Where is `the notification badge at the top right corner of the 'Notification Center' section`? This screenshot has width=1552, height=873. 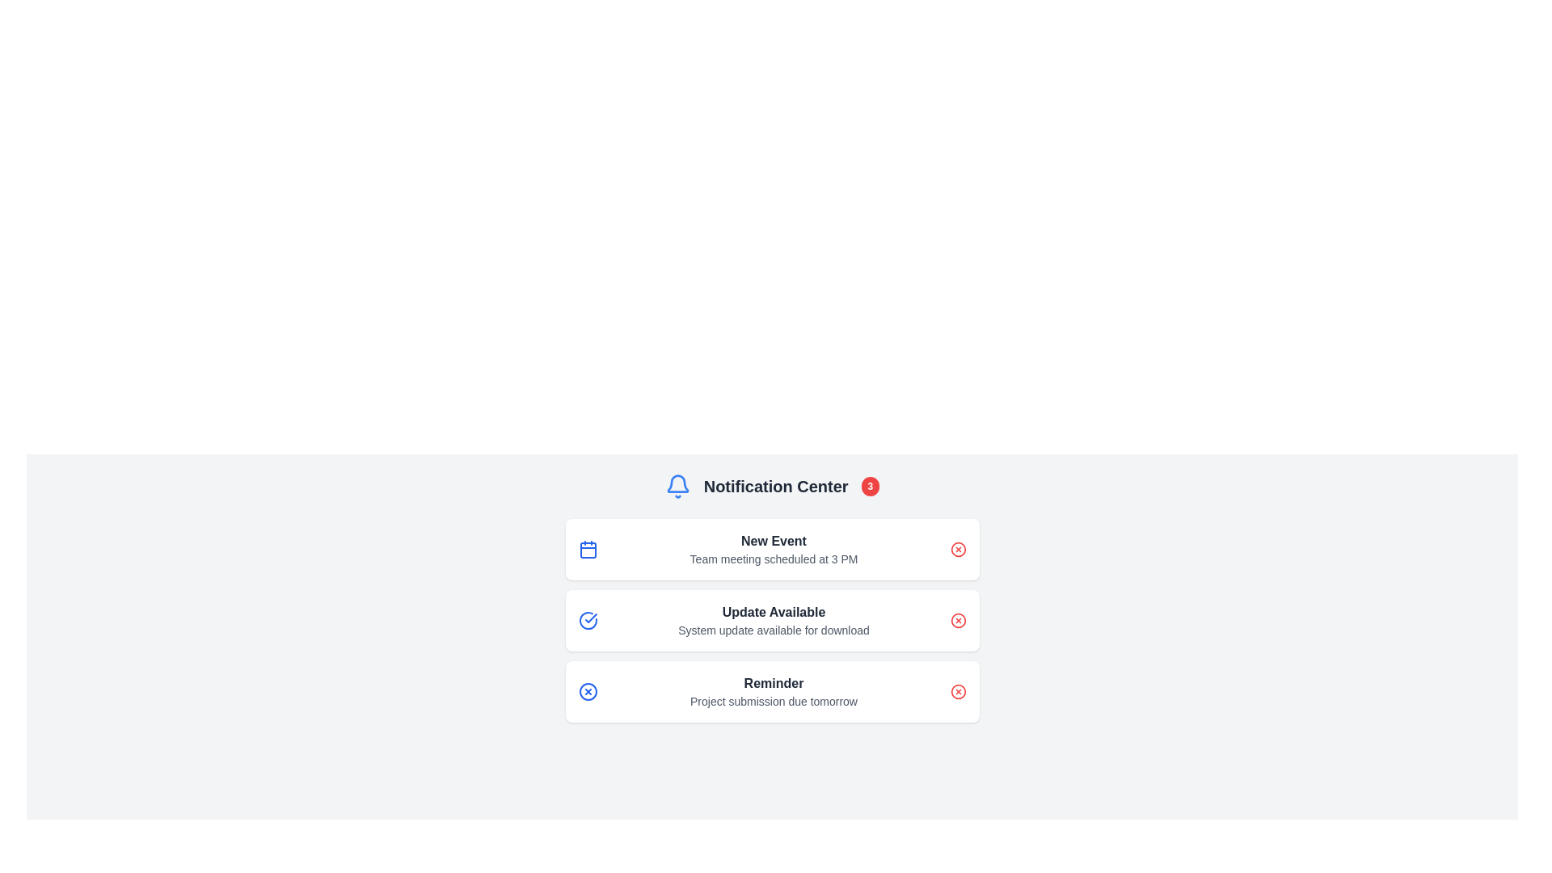 the notification badge at the top right corner of the 'Notification Center' section is located at coordinates (869, 485).